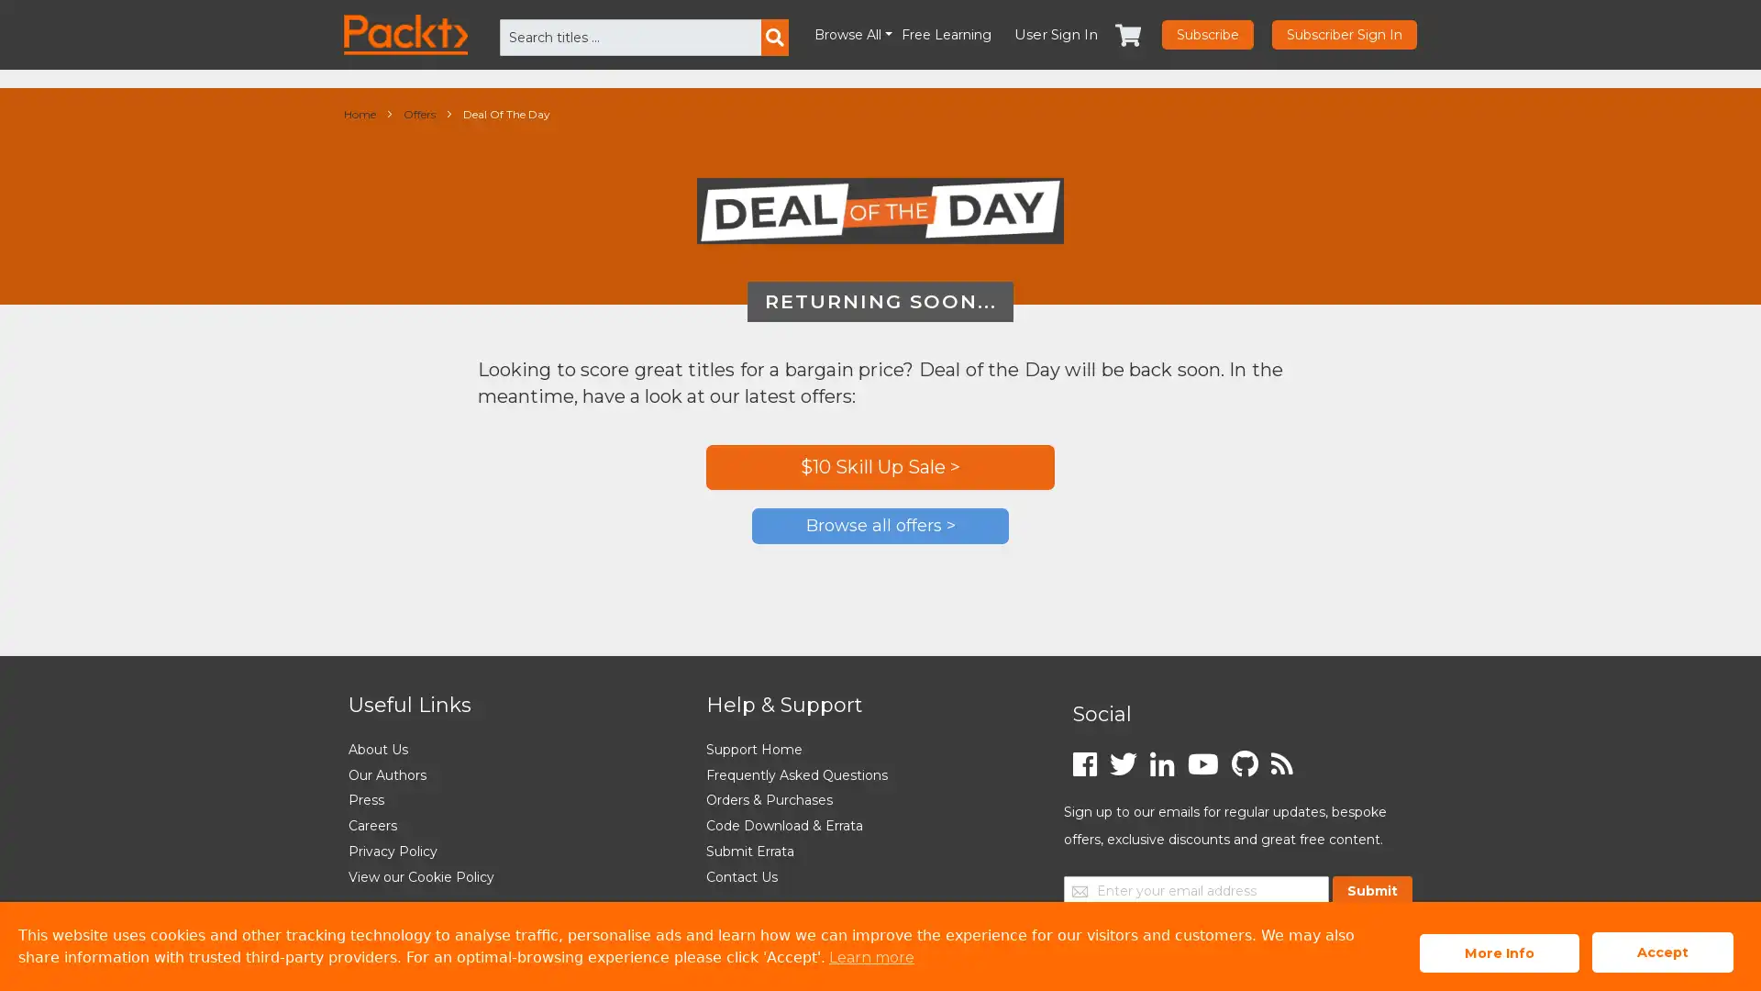 The height and width of the screenshot is (991, 1761). Describe the element at coordinates (1500, 952) in the screenshot. I see `More Info` at that location.